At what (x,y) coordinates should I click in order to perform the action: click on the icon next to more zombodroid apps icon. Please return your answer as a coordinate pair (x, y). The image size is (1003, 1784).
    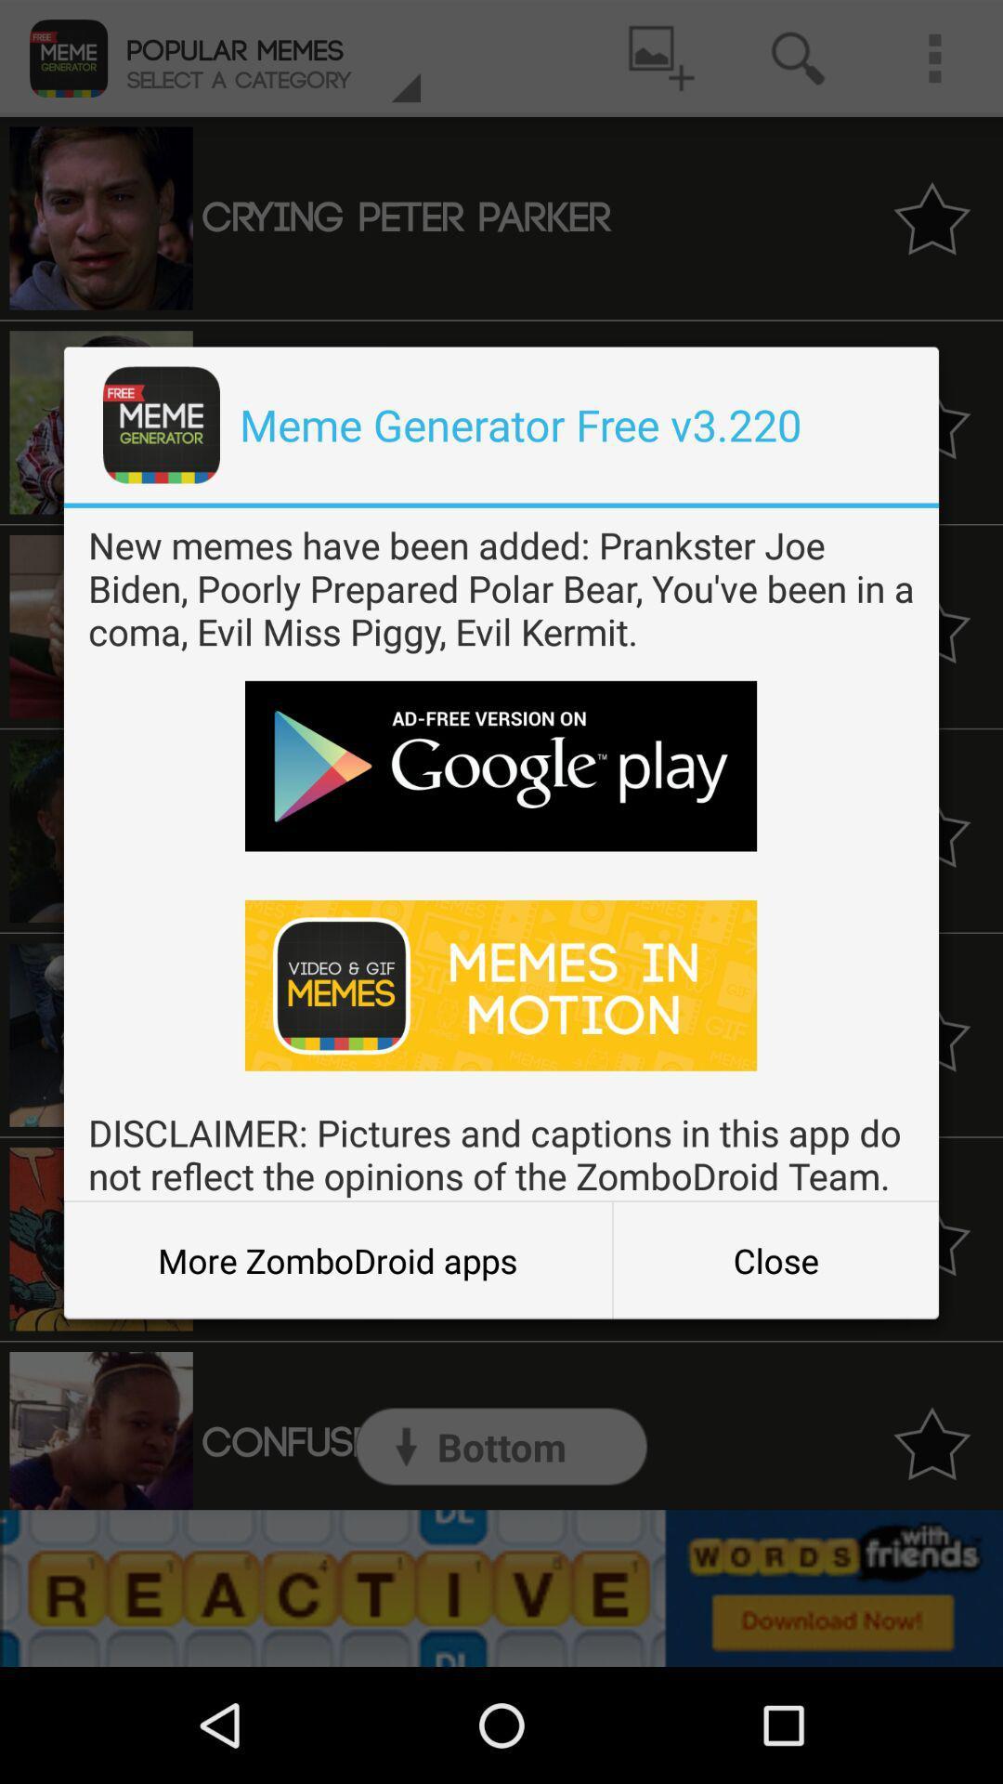
    Looking at the image, I should click on (775, 1260).